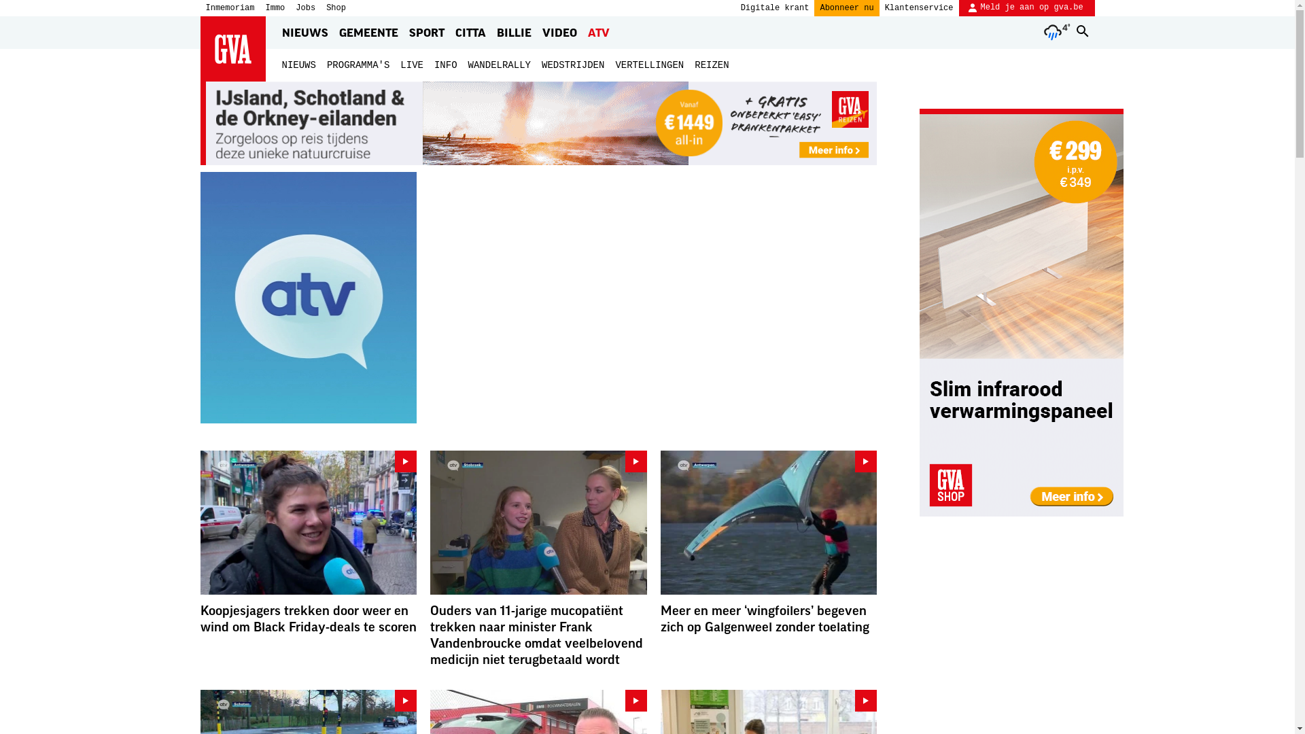 Image resolution: width=1305 pixels, height=734 pixels. I want to click on 'INFO', so click(433, 65).